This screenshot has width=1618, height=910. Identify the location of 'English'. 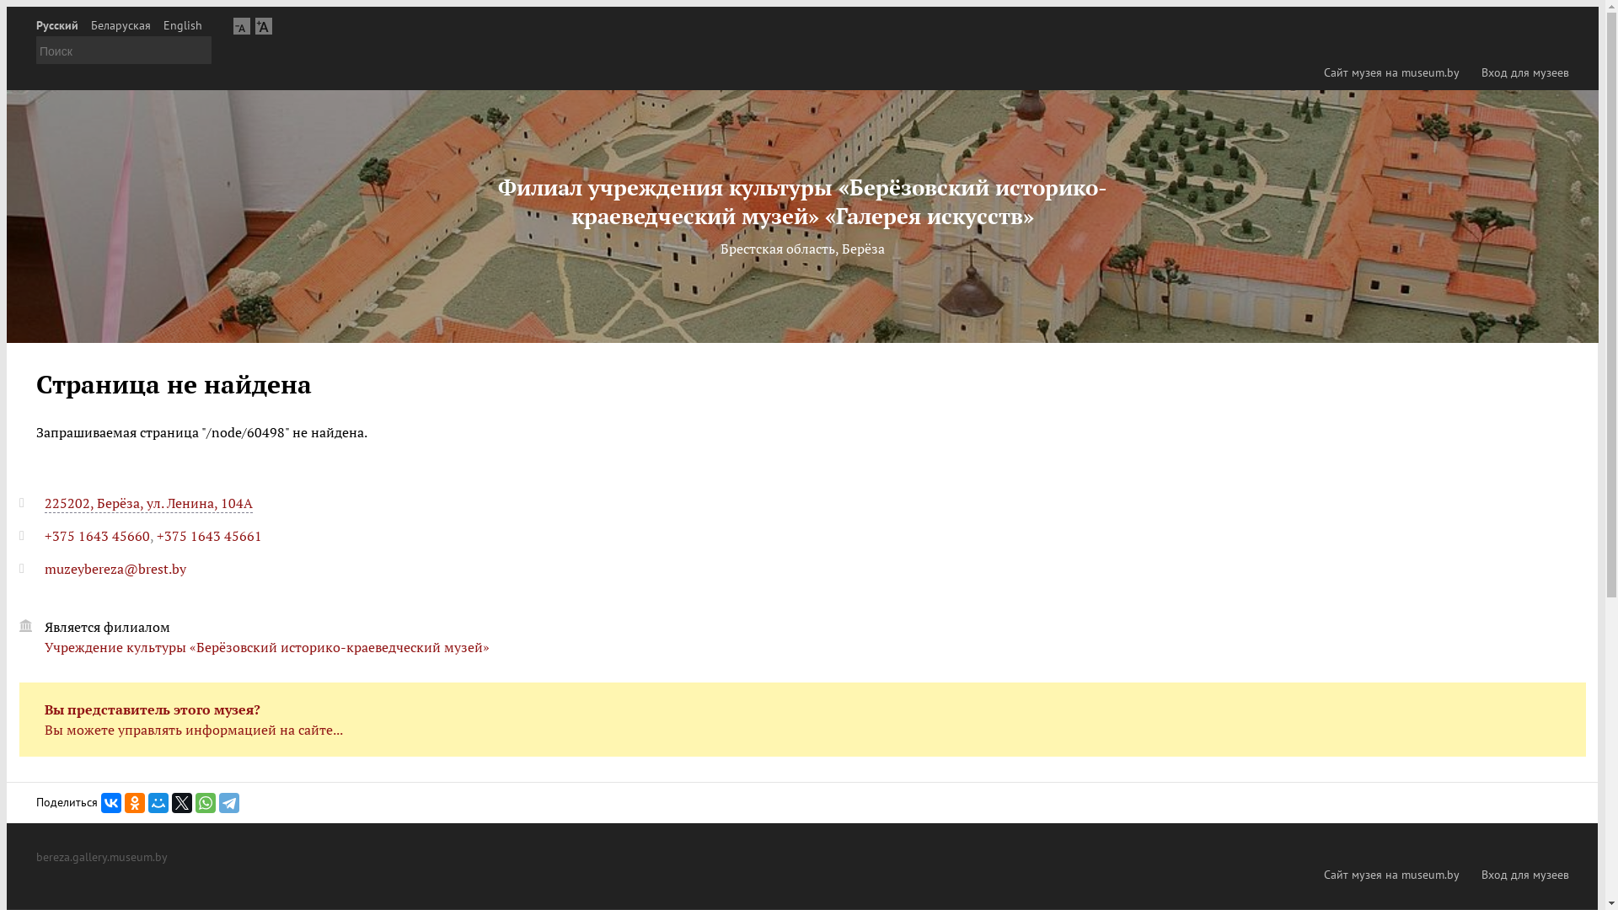
(163, 25).